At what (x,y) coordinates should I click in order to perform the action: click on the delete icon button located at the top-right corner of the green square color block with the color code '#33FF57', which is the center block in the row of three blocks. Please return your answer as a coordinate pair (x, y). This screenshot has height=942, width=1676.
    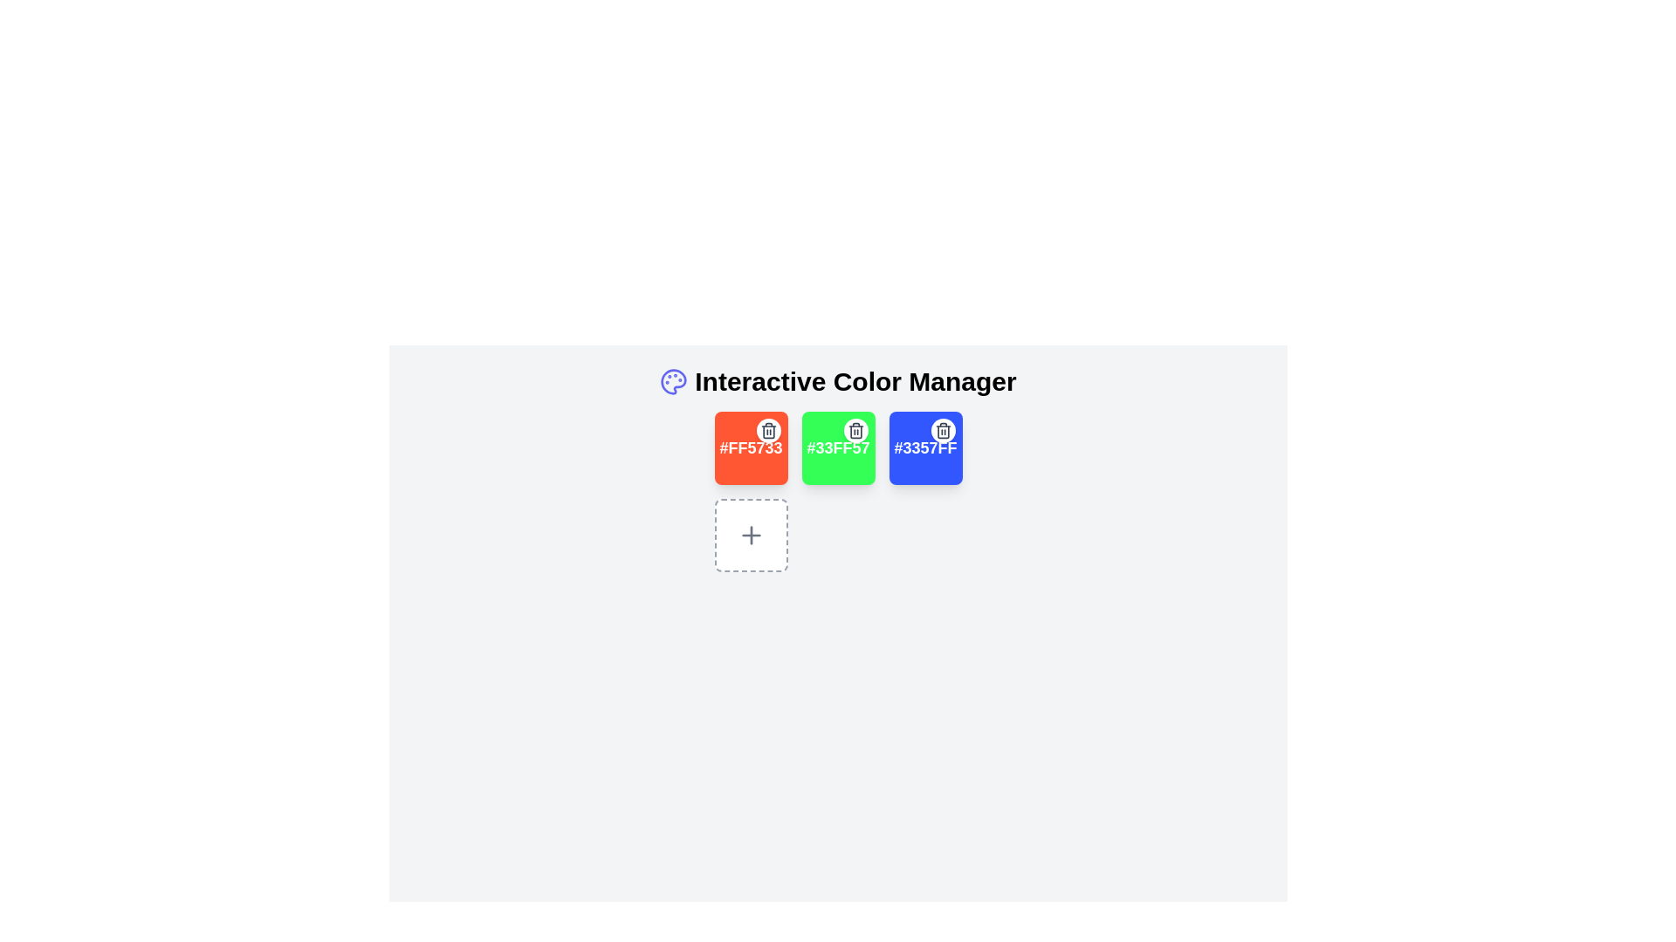
    Looking at the image, I should click on (855, 430).